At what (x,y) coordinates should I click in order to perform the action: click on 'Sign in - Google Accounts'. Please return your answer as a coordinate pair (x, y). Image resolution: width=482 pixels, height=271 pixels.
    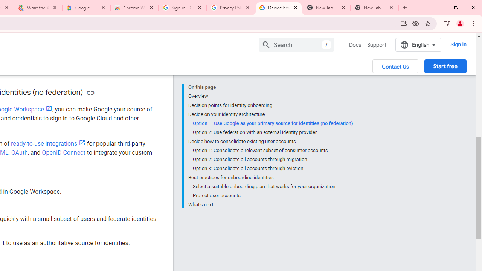
    Looking at the image, I should click on (183, 8).